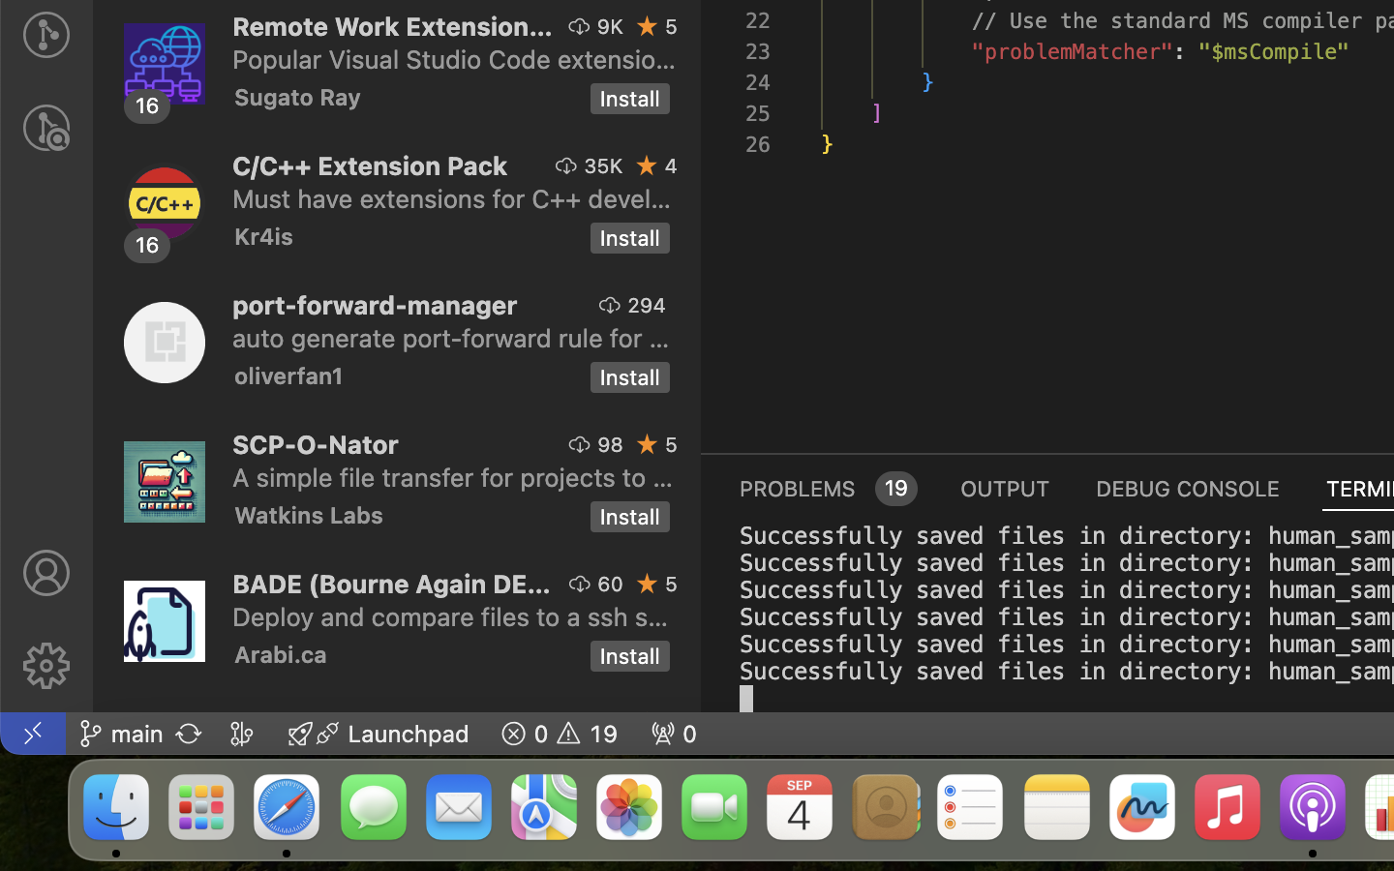  What do you see at coordinates (560, 732) in the screenshot?
I see `'19 0  '` at bounding box center [560, 732].